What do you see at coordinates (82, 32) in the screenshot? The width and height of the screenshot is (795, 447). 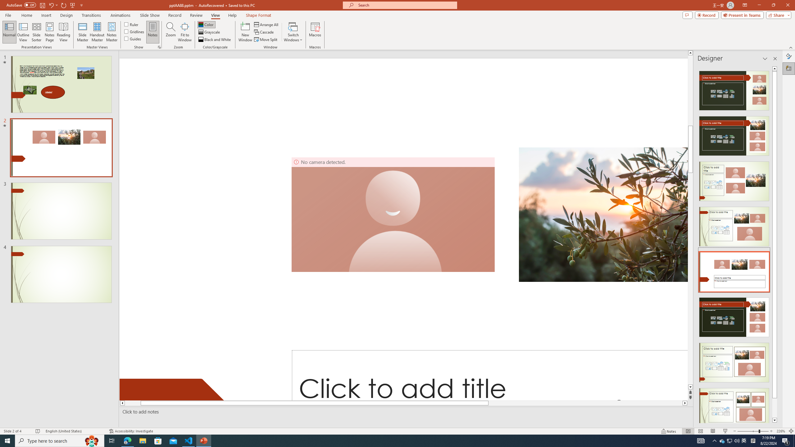 I see `'Slide Master'` at bounding box center [82, 32].